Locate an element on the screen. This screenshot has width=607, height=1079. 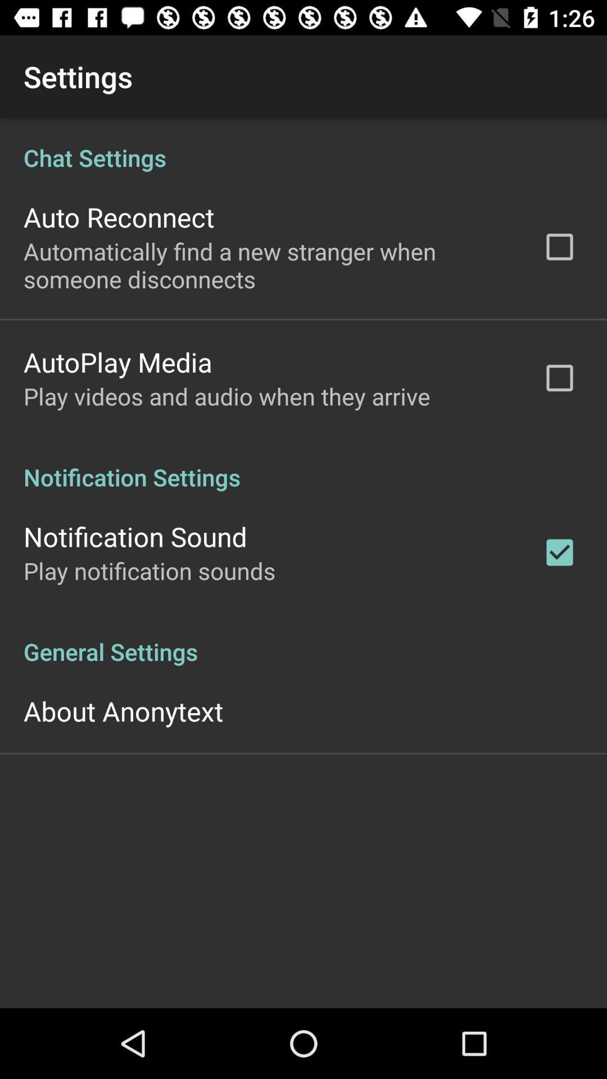
auto reconnect item is located at coordinates (119, 217).